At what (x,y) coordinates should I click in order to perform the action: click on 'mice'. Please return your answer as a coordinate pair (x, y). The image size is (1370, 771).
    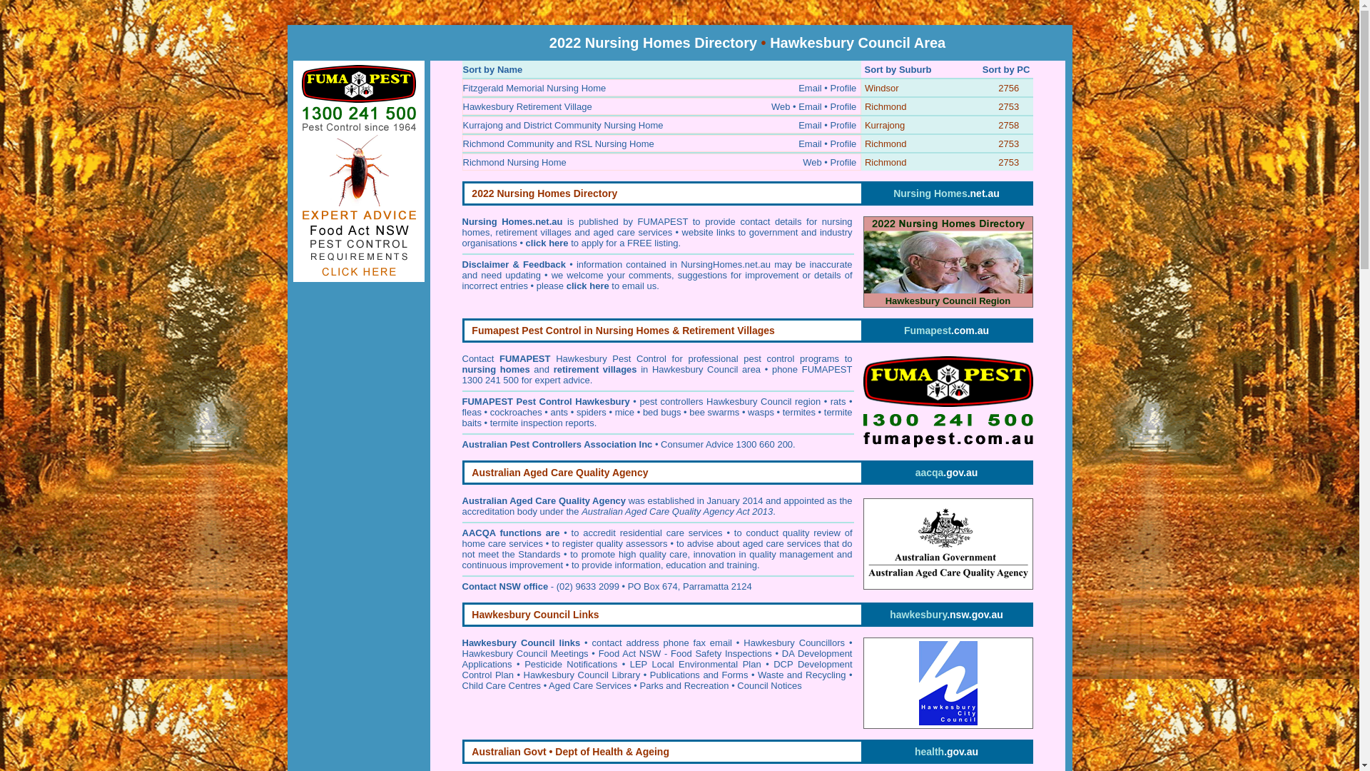
    Looking at the image, I should click on (624, 412).